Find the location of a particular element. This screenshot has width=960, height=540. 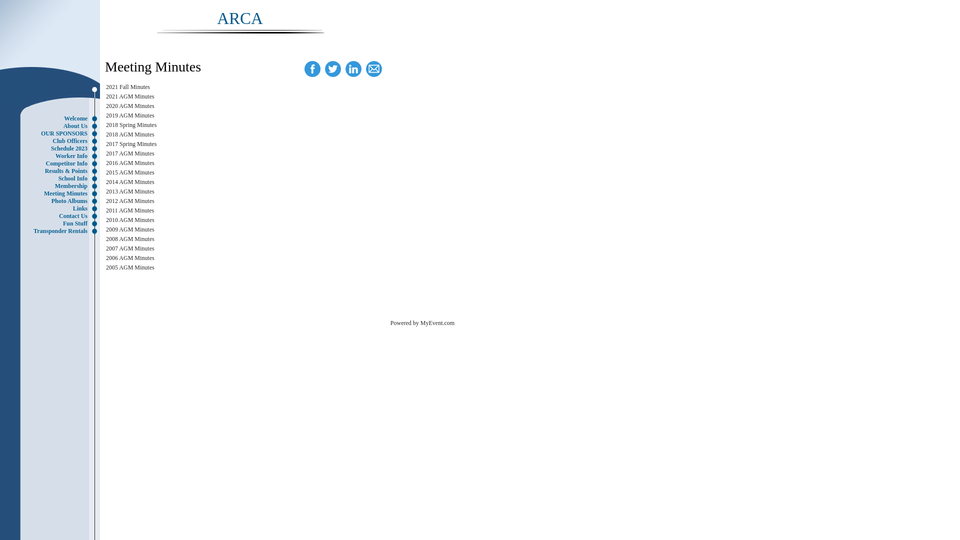

'2012 AGM Minutes' is located at coordinates (129, 200).